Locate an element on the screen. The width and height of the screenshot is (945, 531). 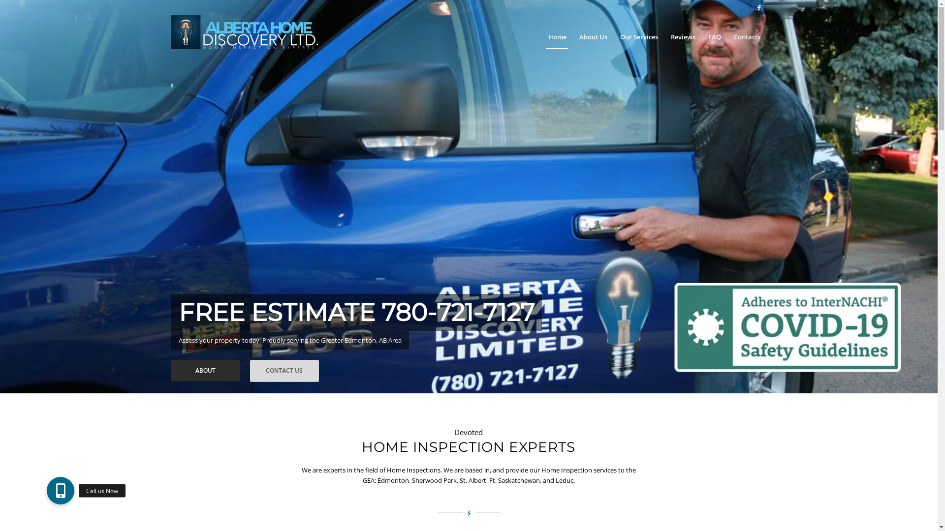
'Contacts' is located at coordinates (747, 36).